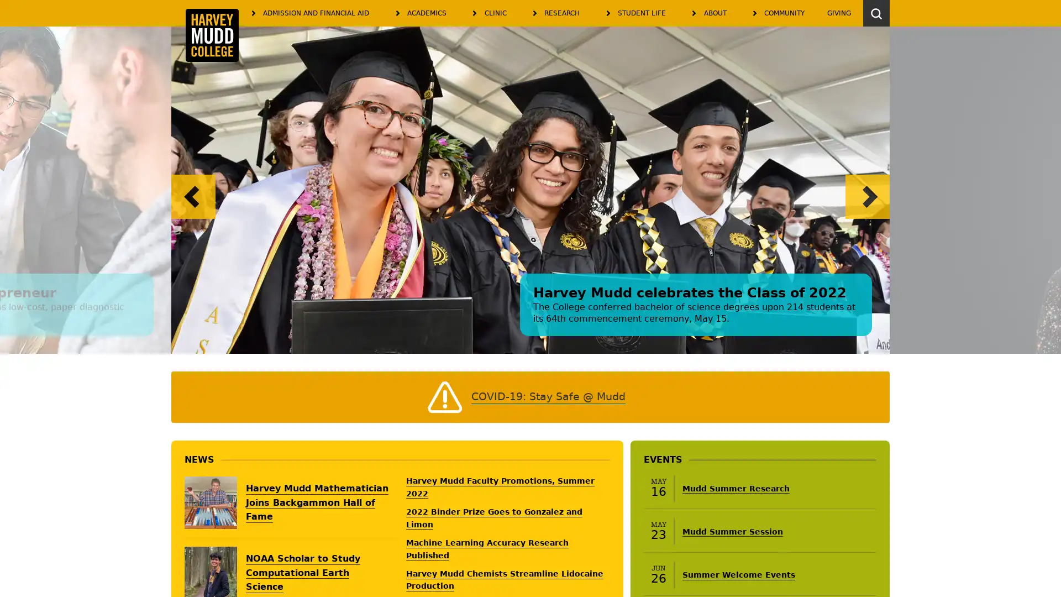  I want to click on Previous slide., so click(193, 195).